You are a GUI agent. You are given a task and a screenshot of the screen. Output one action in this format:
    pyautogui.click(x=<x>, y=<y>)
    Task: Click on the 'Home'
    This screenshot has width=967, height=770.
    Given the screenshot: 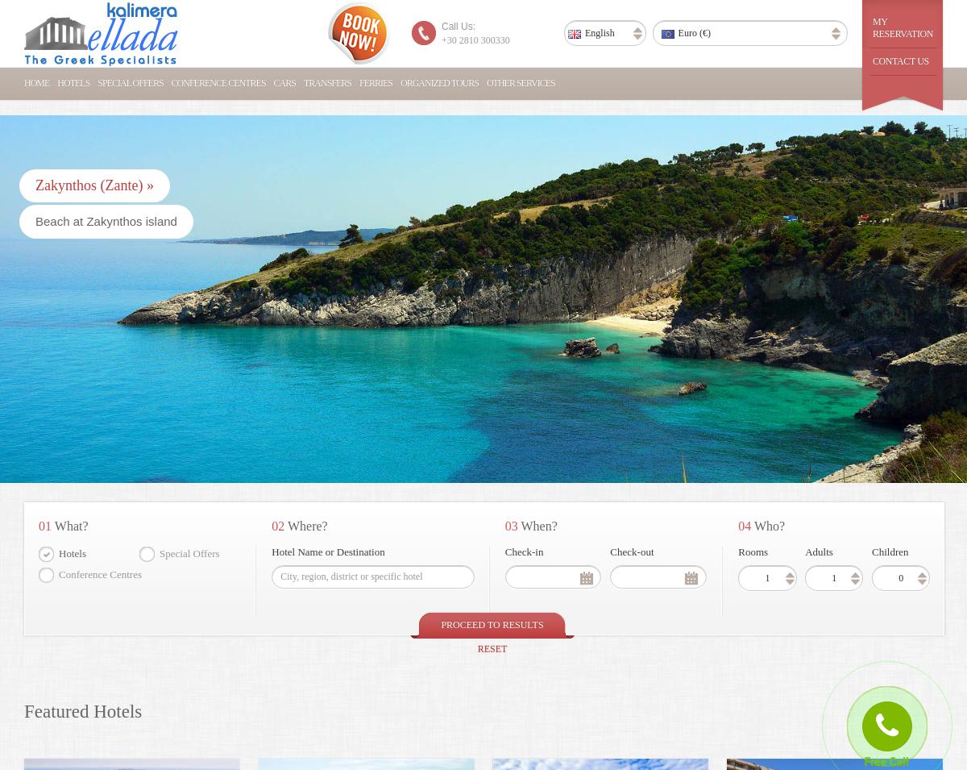 What is the action you would take?
    pyautogui.click(x=36, y=82)
    